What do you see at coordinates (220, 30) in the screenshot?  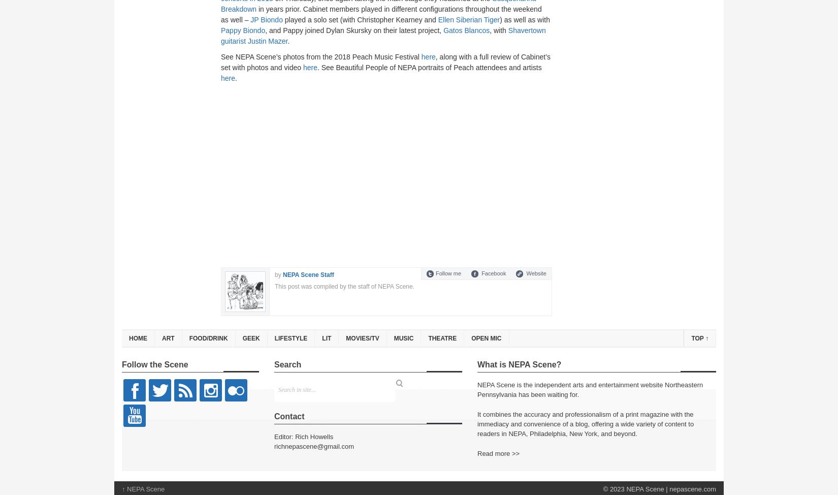 I see `'Pappy Biondo'` at bounding box center [220, 30].